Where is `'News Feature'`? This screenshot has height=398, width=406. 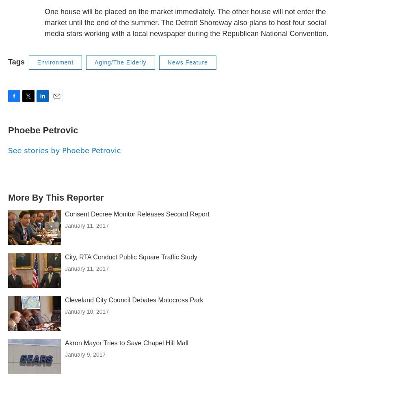
'News Feature' is located at coordinates (187, 62).